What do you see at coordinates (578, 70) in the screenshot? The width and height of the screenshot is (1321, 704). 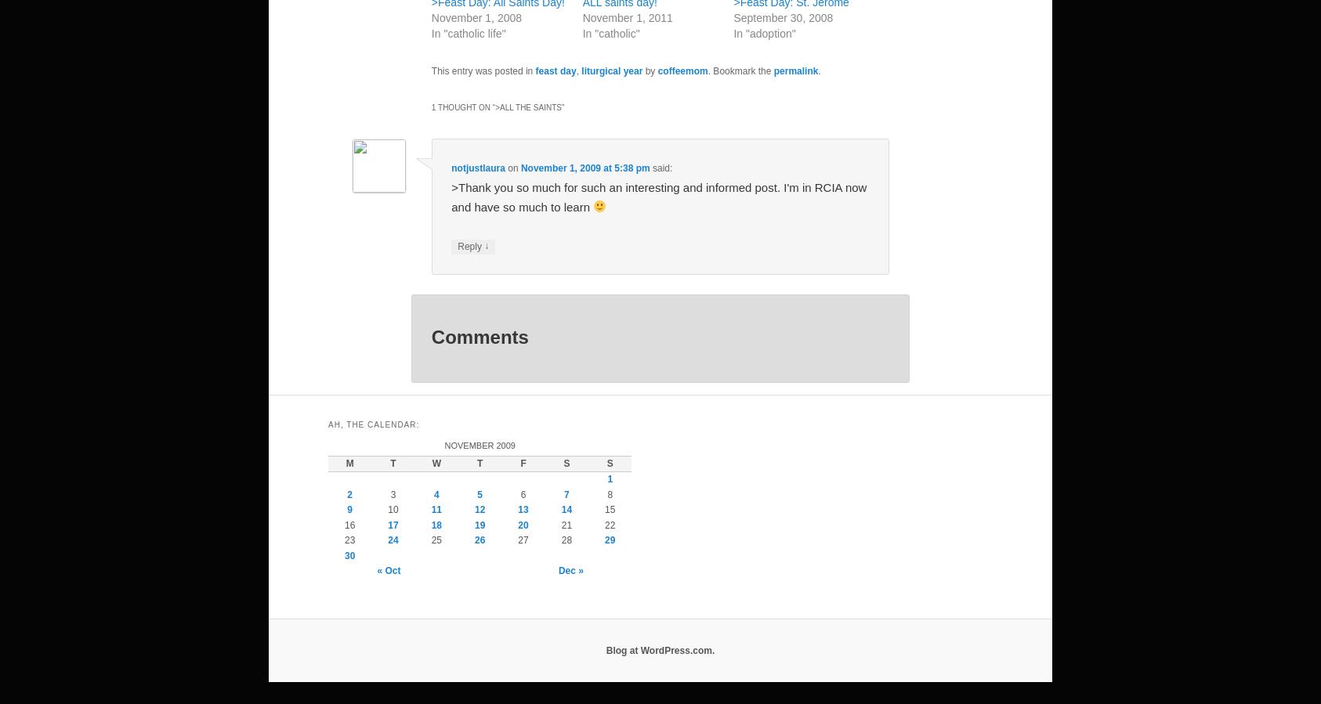 I see `','` at bounding box center [578, 70].